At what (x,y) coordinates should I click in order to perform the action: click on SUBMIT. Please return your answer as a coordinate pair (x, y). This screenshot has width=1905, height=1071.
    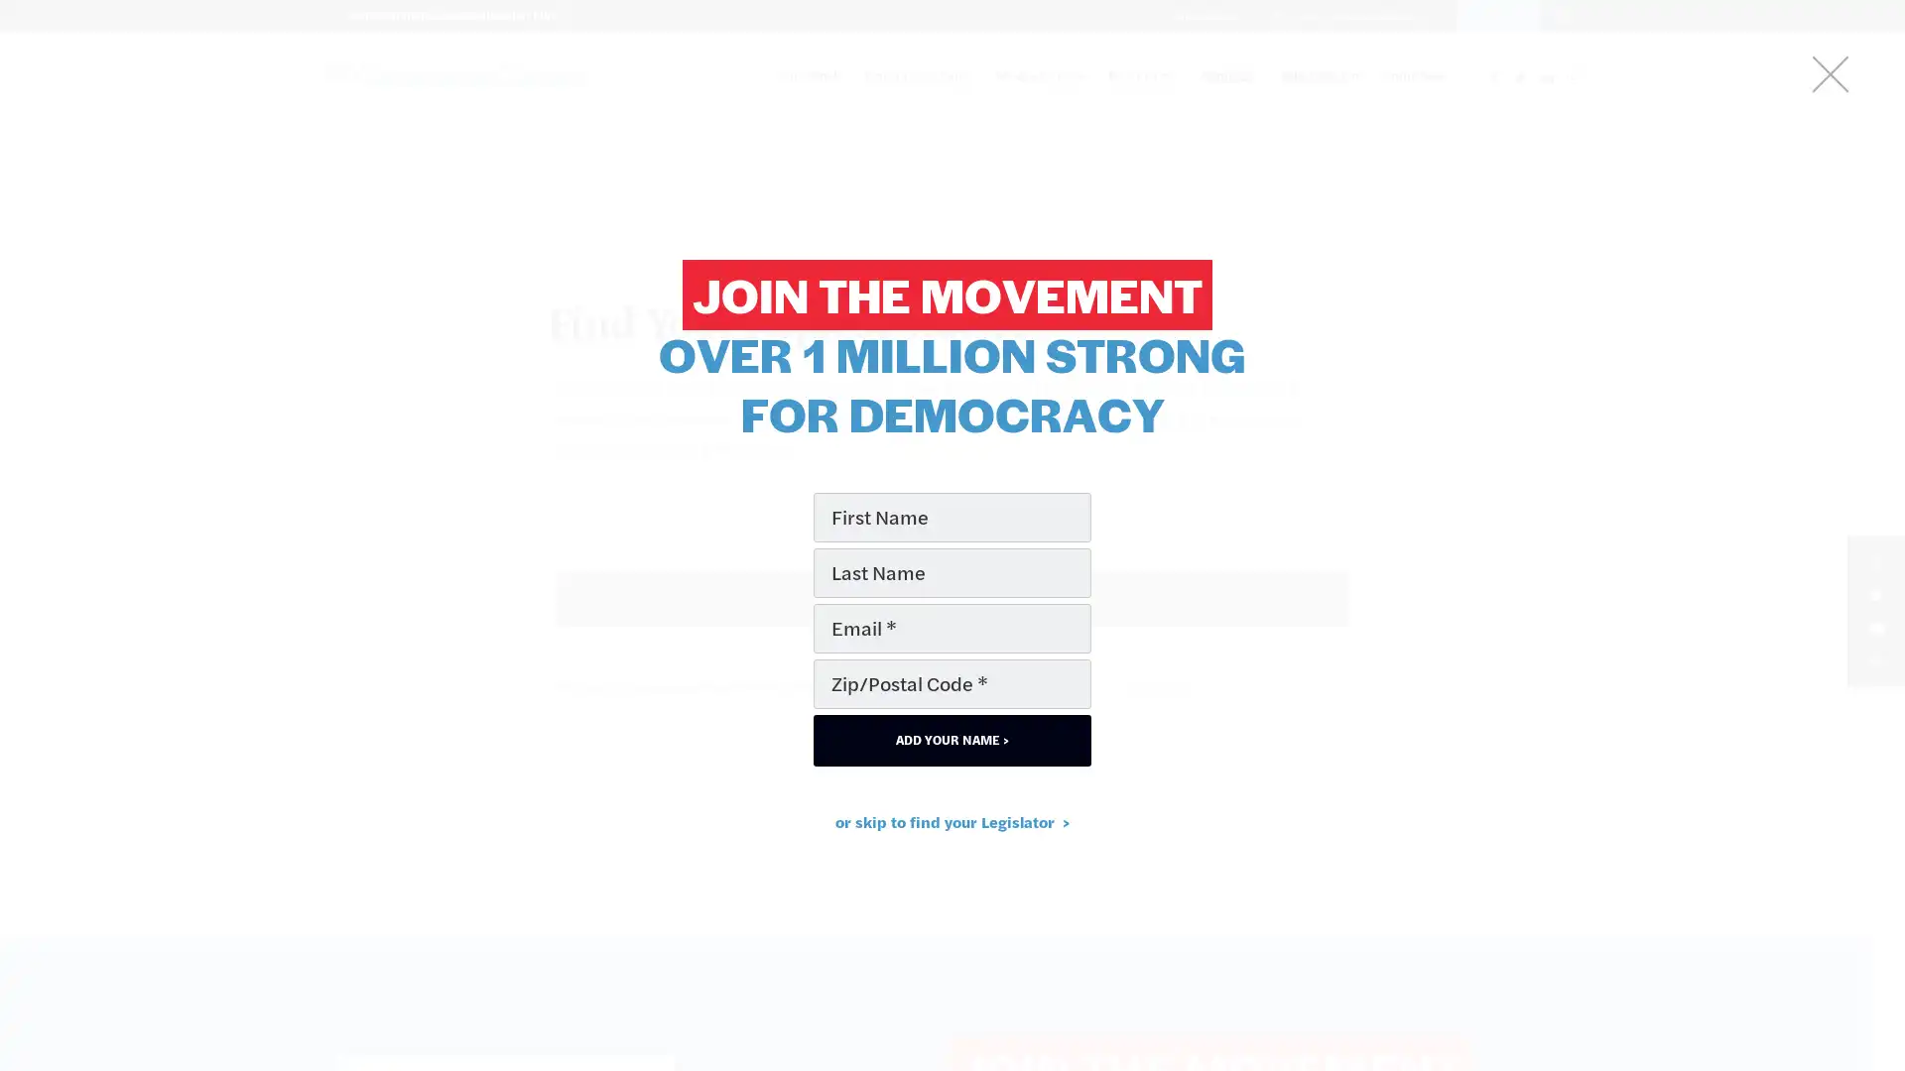
    Looking at the image, I should click on (952, 598).